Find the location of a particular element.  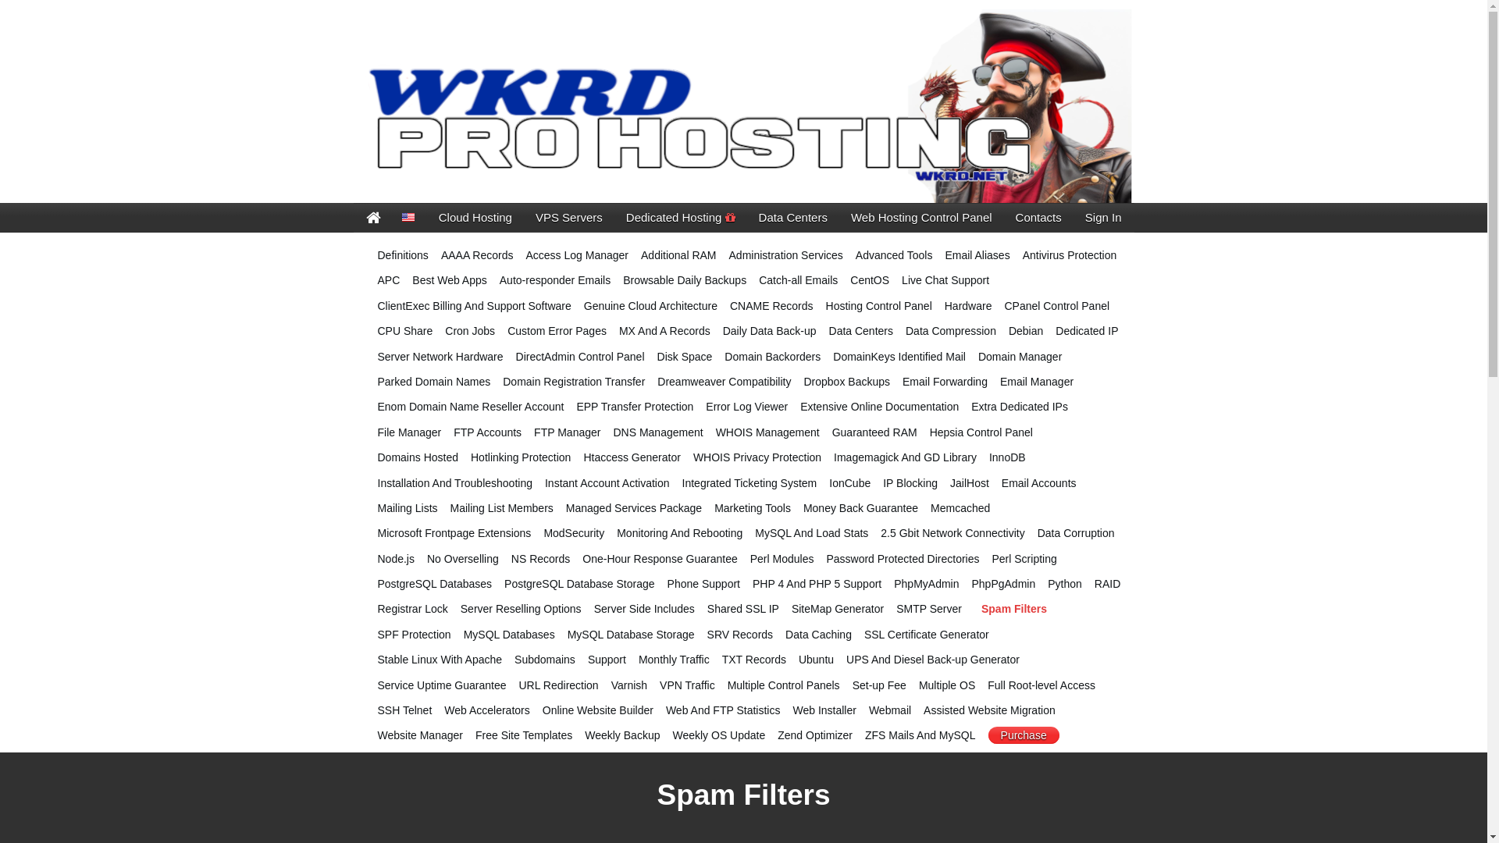

'Domain Manager' is located at coordinates (1020, 356).